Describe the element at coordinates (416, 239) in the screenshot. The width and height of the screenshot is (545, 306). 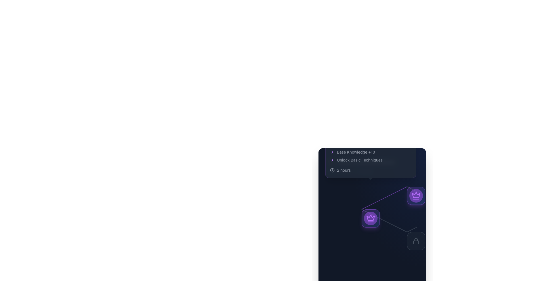
I see `the curved portion of the lock's shackle icon located in the lower right corner of the interface, which is part of an SVG graphic representing security or restricted access` at that location.